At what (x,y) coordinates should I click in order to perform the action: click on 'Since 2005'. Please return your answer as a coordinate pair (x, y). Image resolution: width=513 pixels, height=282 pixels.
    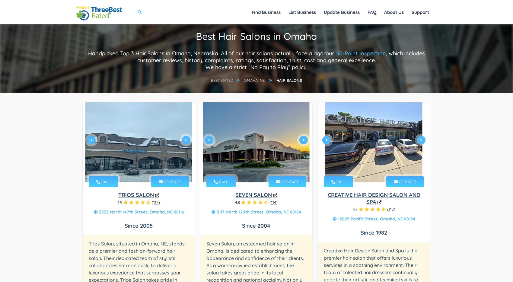
    Looking at the image, I should click on (139, 226).